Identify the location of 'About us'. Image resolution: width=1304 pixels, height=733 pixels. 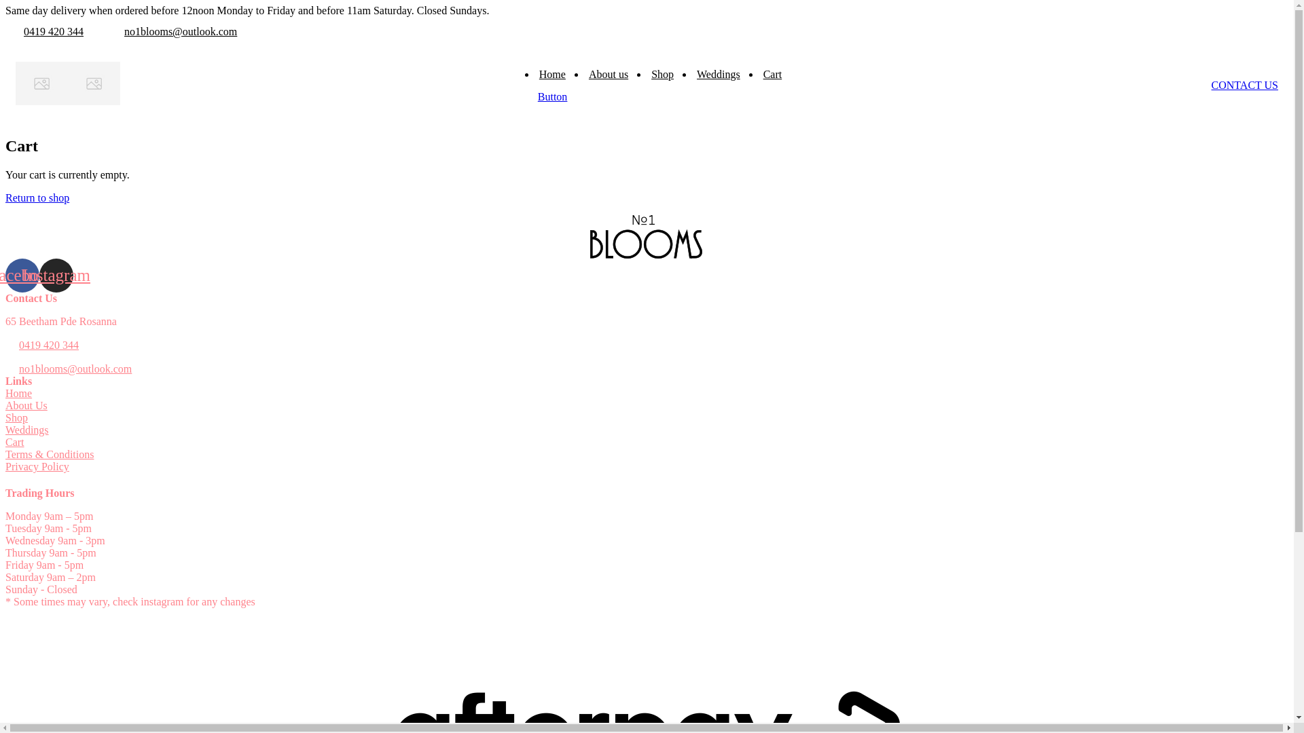
(608, 74).